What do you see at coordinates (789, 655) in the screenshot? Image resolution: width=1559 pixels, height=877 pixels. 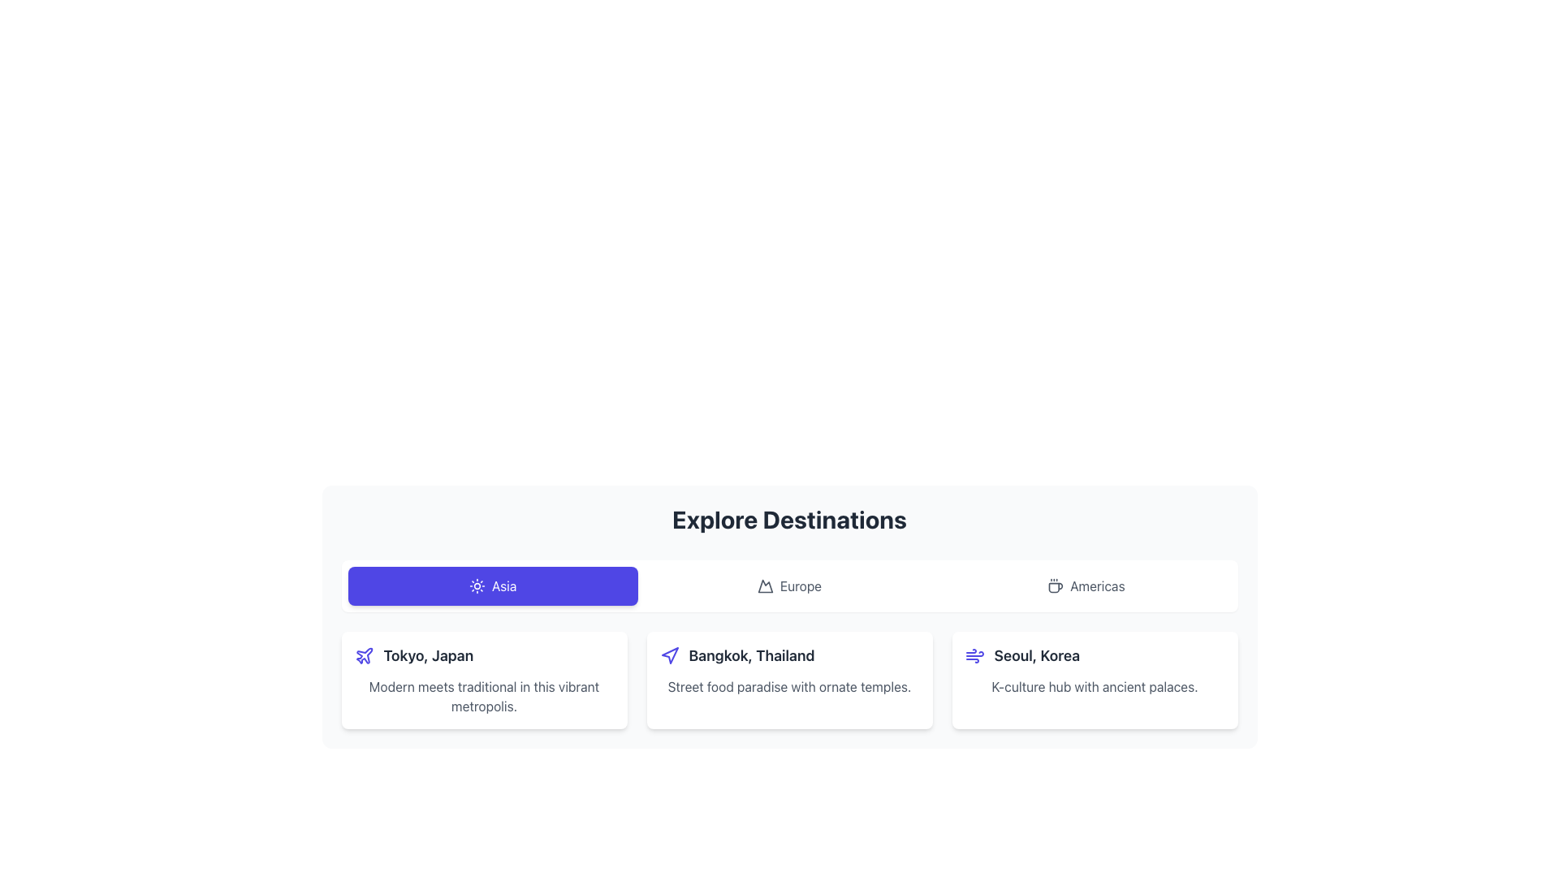 I see `the Text with icon (Destination title component) labeled 'Bangkok, Thailand'` at bounding box center [789, 655].